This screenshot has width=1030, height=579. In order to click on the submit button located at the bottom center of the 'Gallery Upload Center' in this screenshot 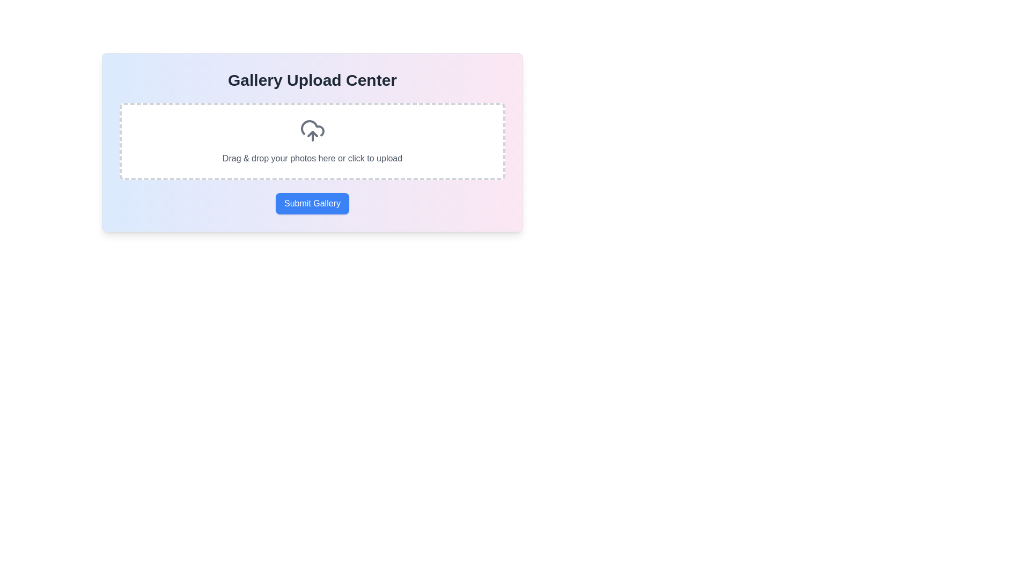, I will do `click(312, 204)`.